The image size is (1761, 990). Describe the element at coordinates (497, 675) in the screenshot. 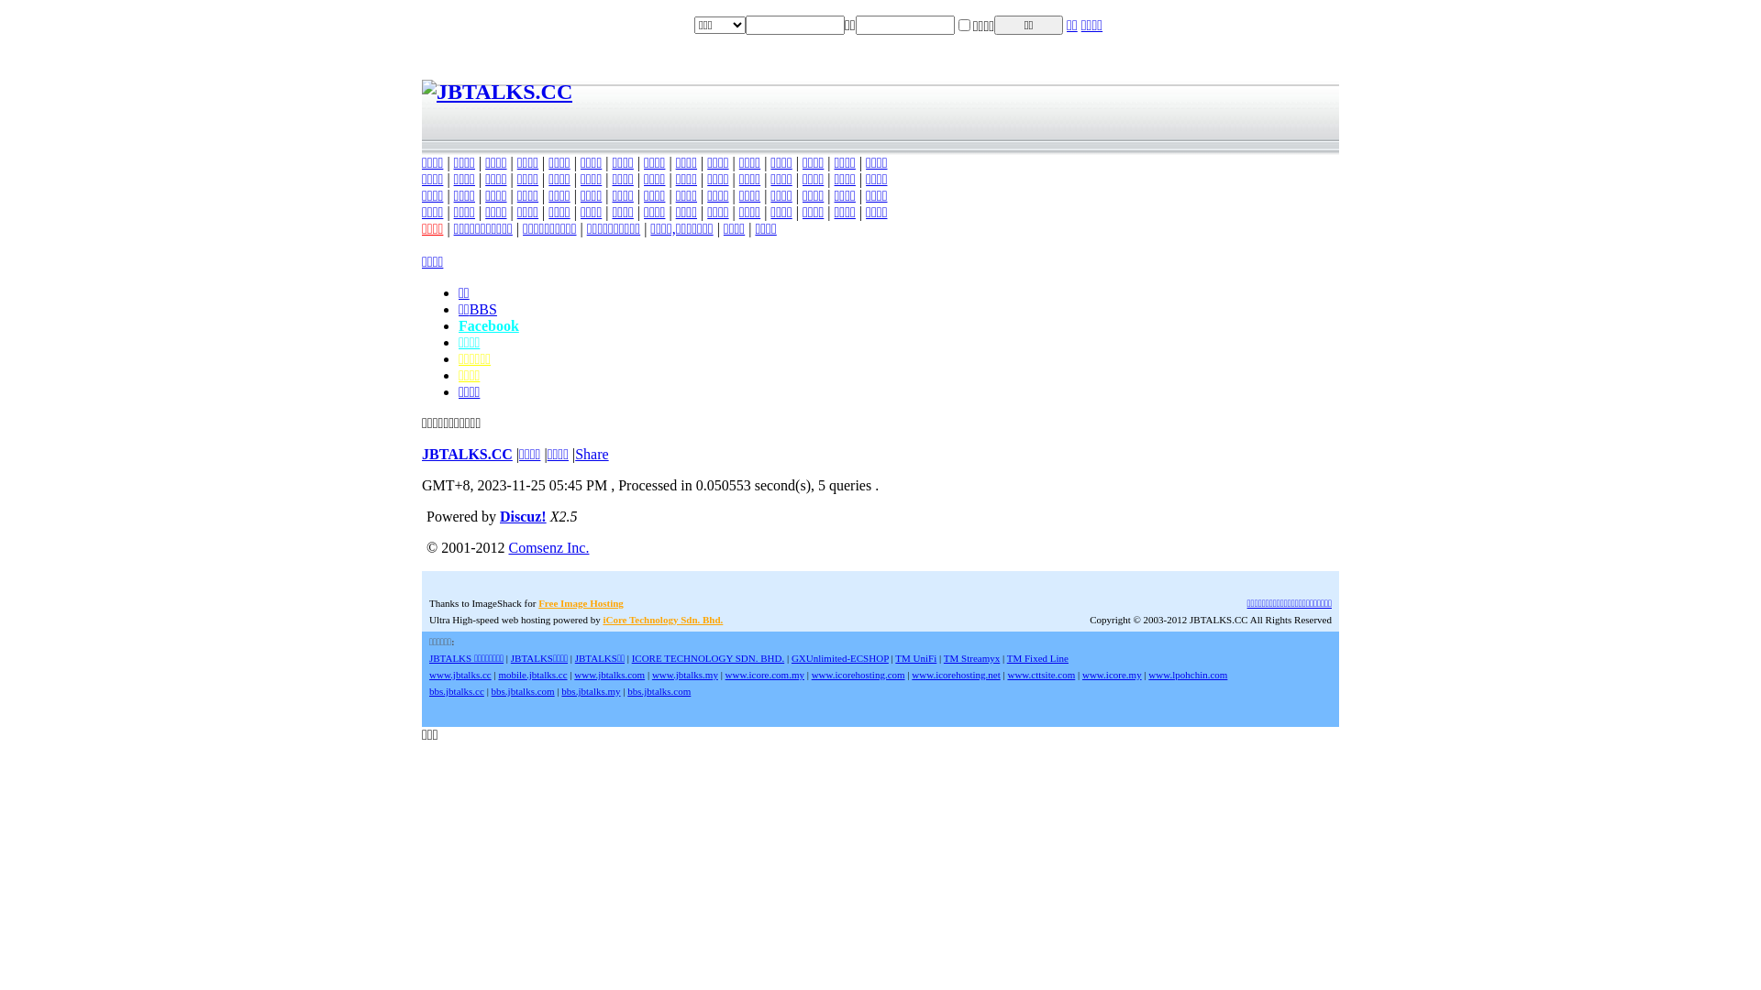

I see `'mobile.jbtalks.cc'` at that location.